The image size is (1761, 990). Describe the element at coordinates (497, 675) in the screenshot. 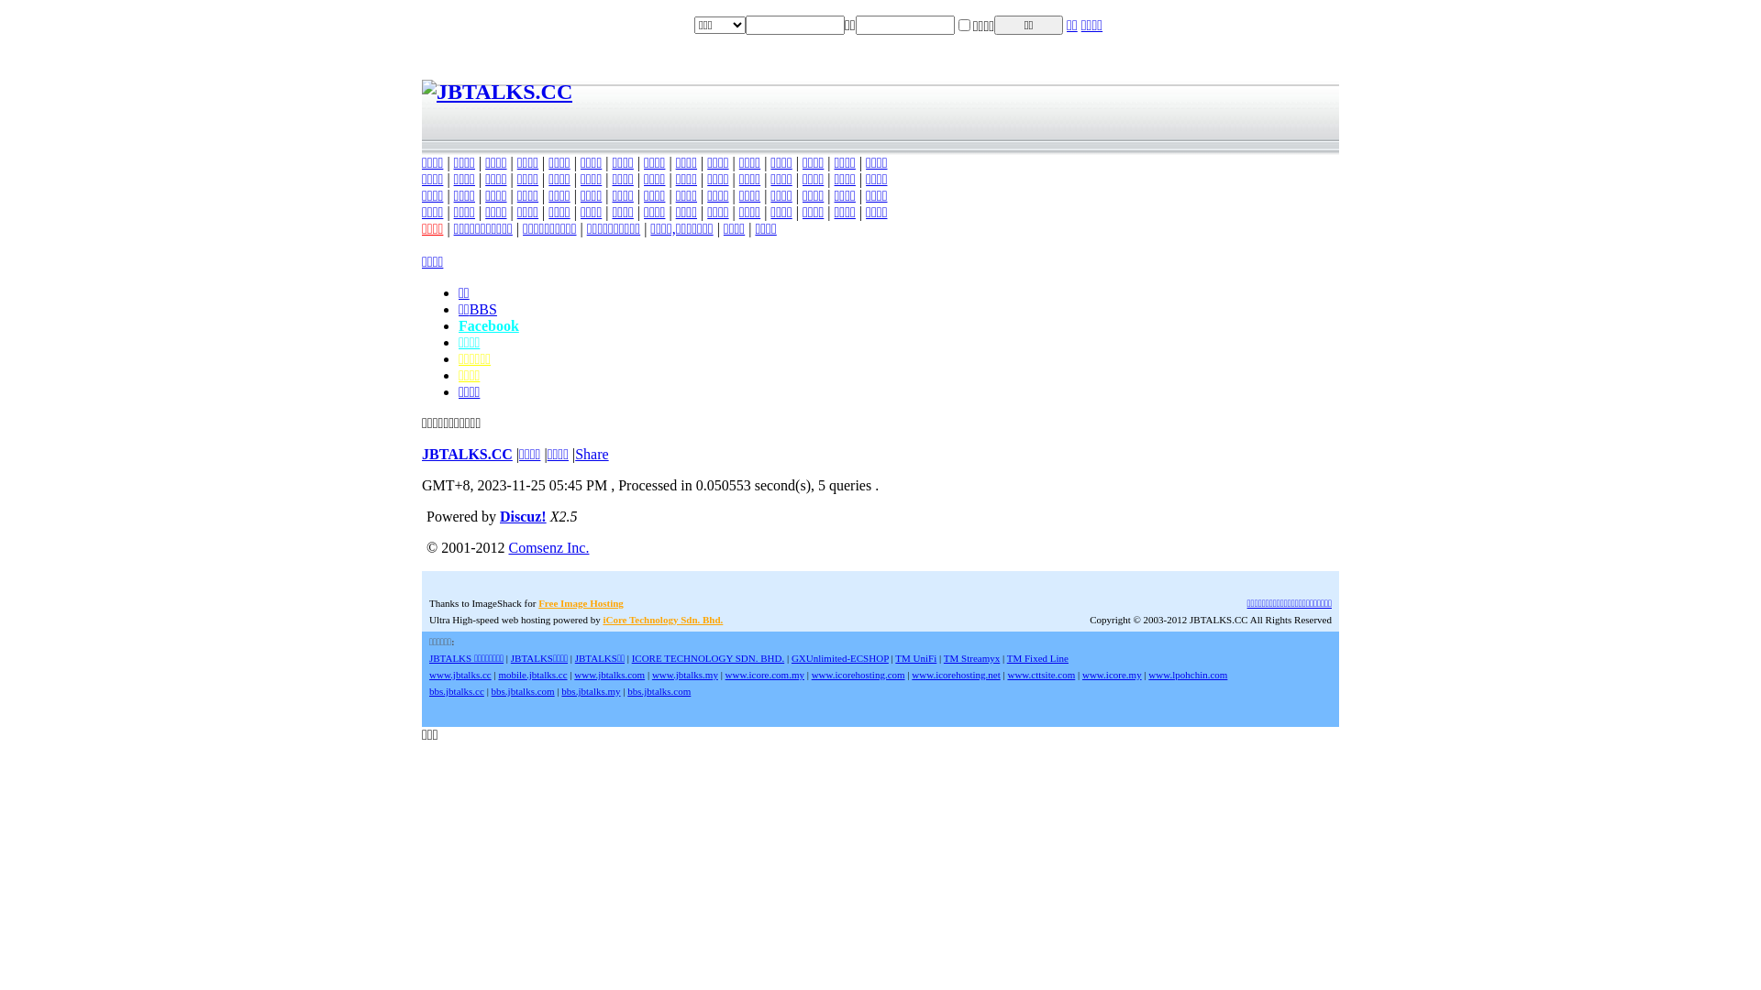

I see `'mobile.jbtalks.cc'` at that location.